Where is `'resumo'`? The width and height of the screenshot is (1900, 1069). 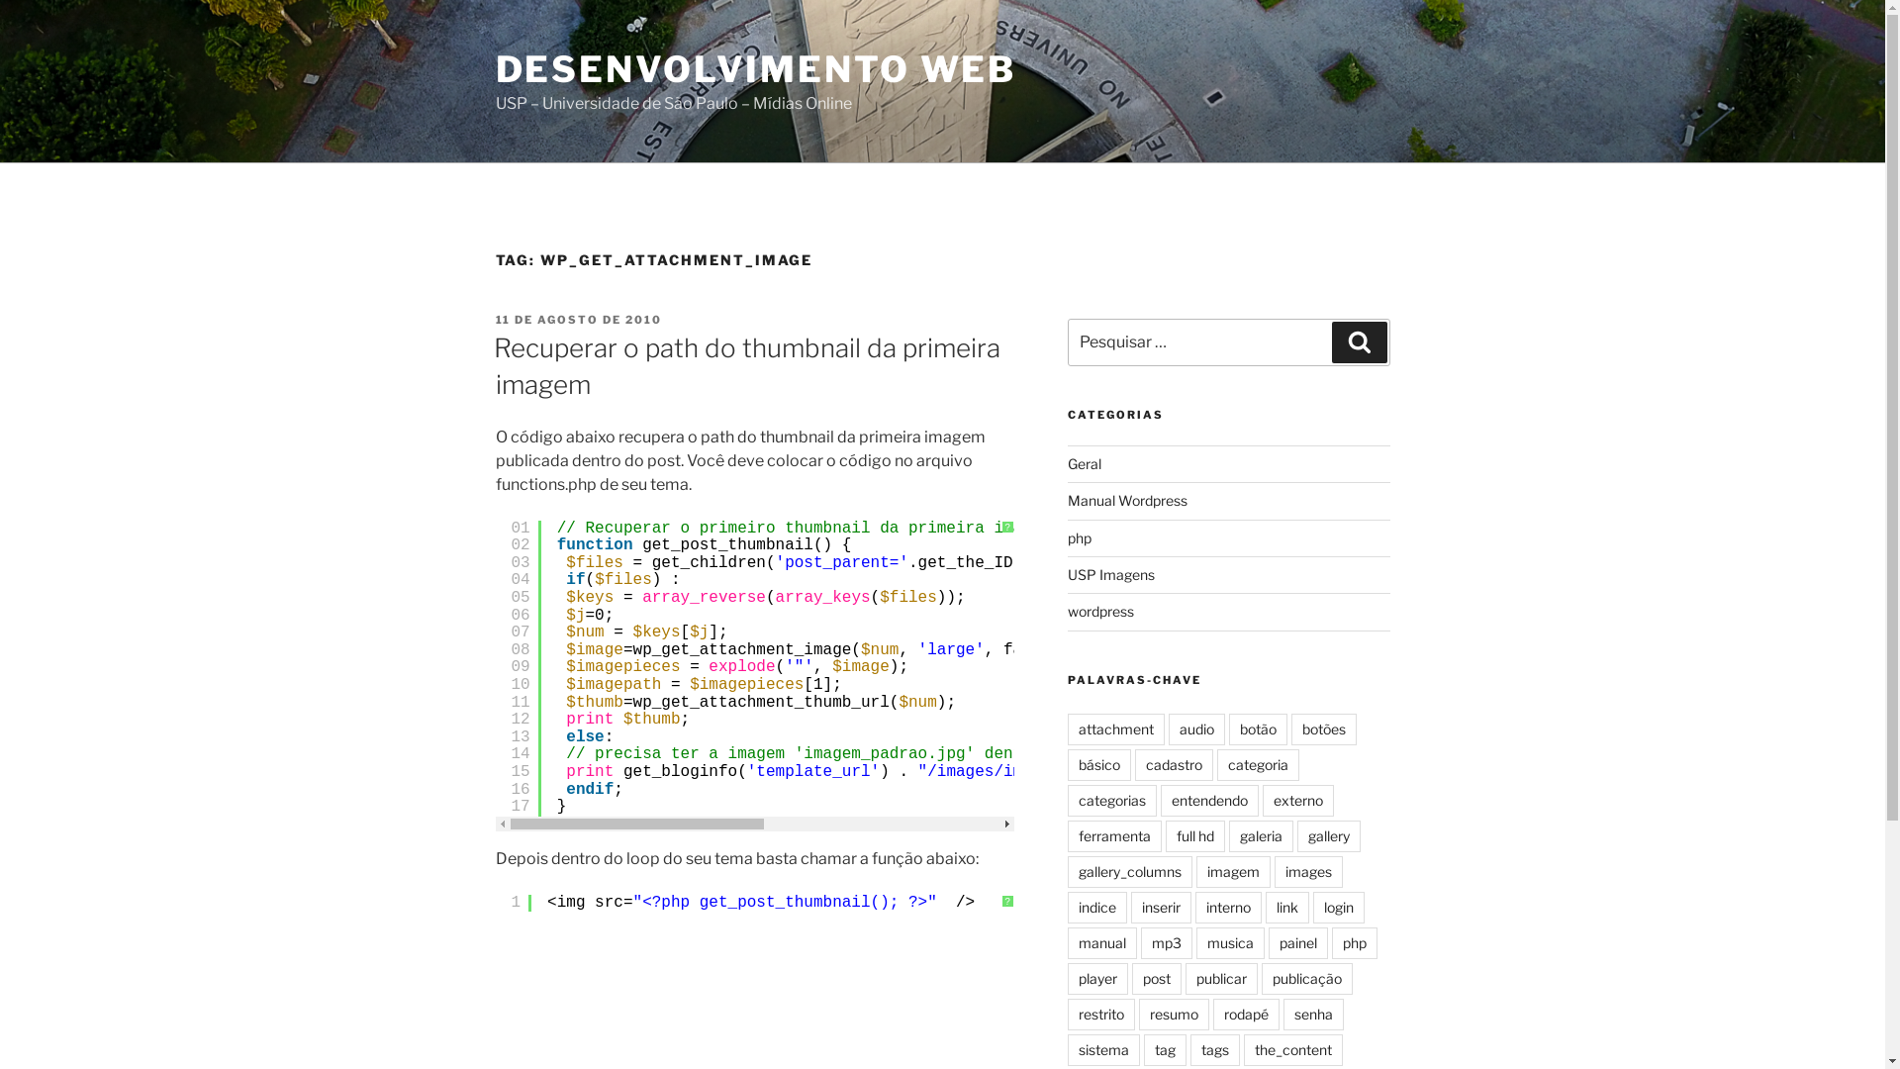 'resumo' is located at coordinates (1174, 1015).